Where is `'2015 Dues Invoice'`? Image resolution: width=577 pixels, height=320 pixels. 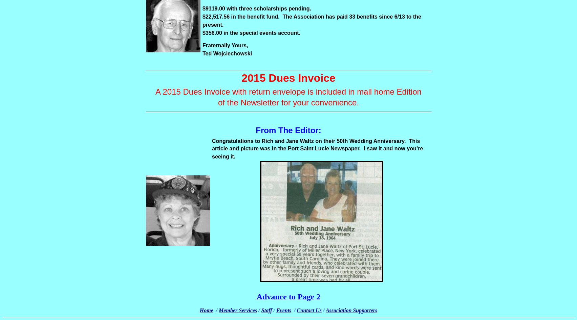
'2015 Dues Invoice' is located at coordinates (288, 78).